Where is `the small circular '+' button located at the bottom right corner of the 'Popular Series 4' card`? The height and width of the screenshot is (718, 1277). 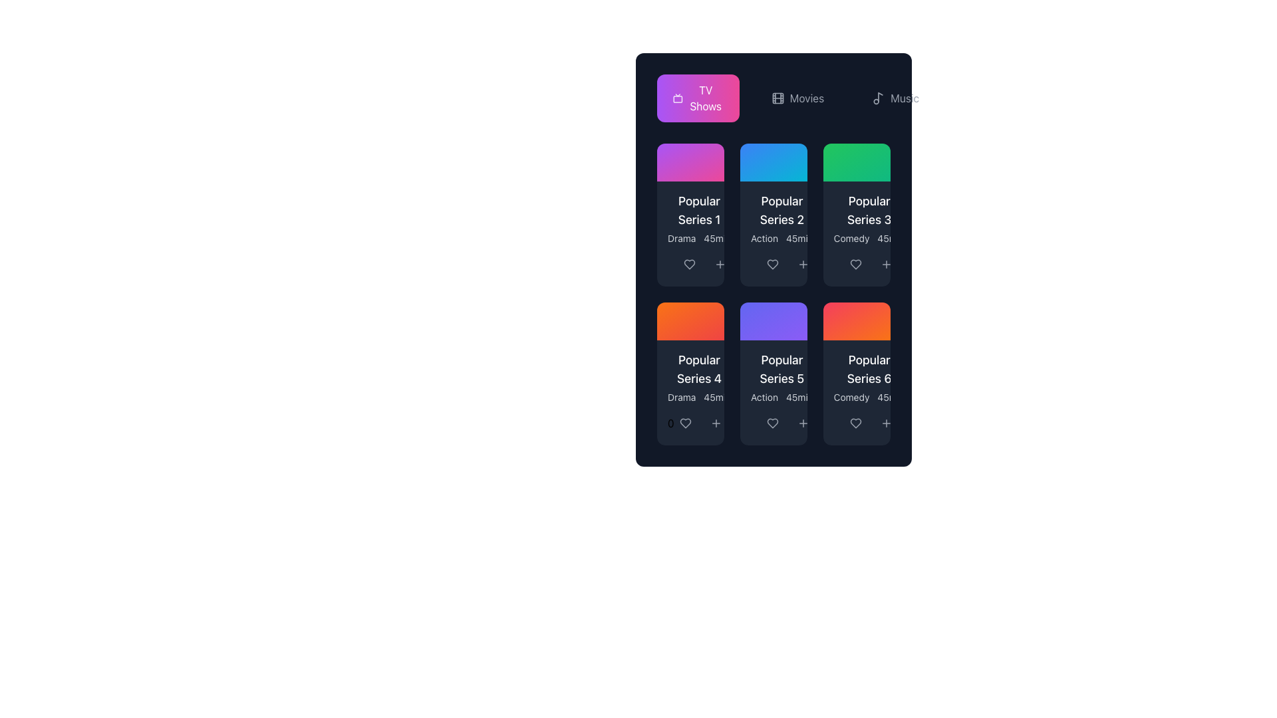
the small circular '+' button located at the bottom right corner of the 'Popular Series 4' card is located at coordinates (715, 423).